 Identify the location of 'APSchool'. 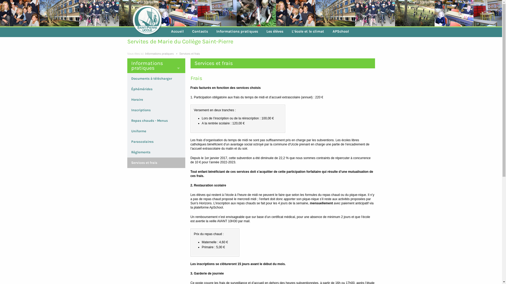
(340, 31).